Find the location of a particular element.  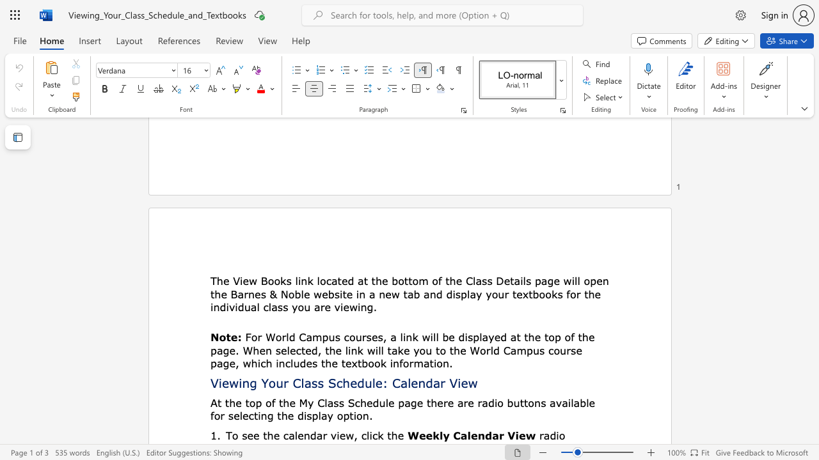

the subset text "nk" within the text "The View Books link" is located at coordinates (300, 280).